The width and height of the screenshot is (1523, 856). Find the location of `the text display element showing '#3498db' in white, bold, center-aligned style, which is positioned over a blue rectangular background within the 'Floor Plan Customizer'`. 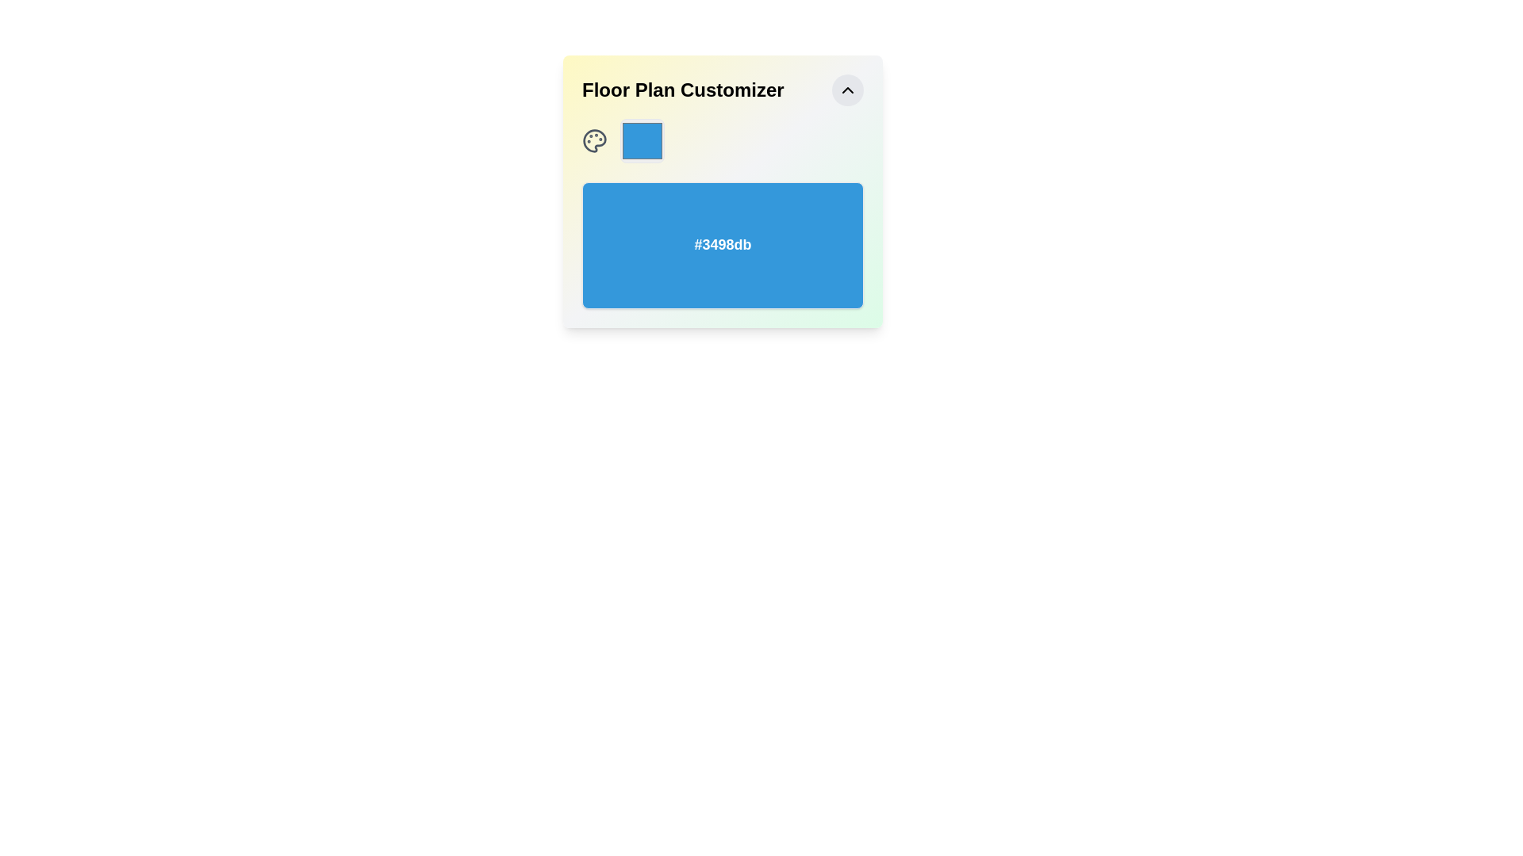

the text display element showing '#3498db' in white, bold, center-aligned style, which is positioned over a blue rectangular background within the 'Floor Plan Customizer' is located at coordinates (722, 244).